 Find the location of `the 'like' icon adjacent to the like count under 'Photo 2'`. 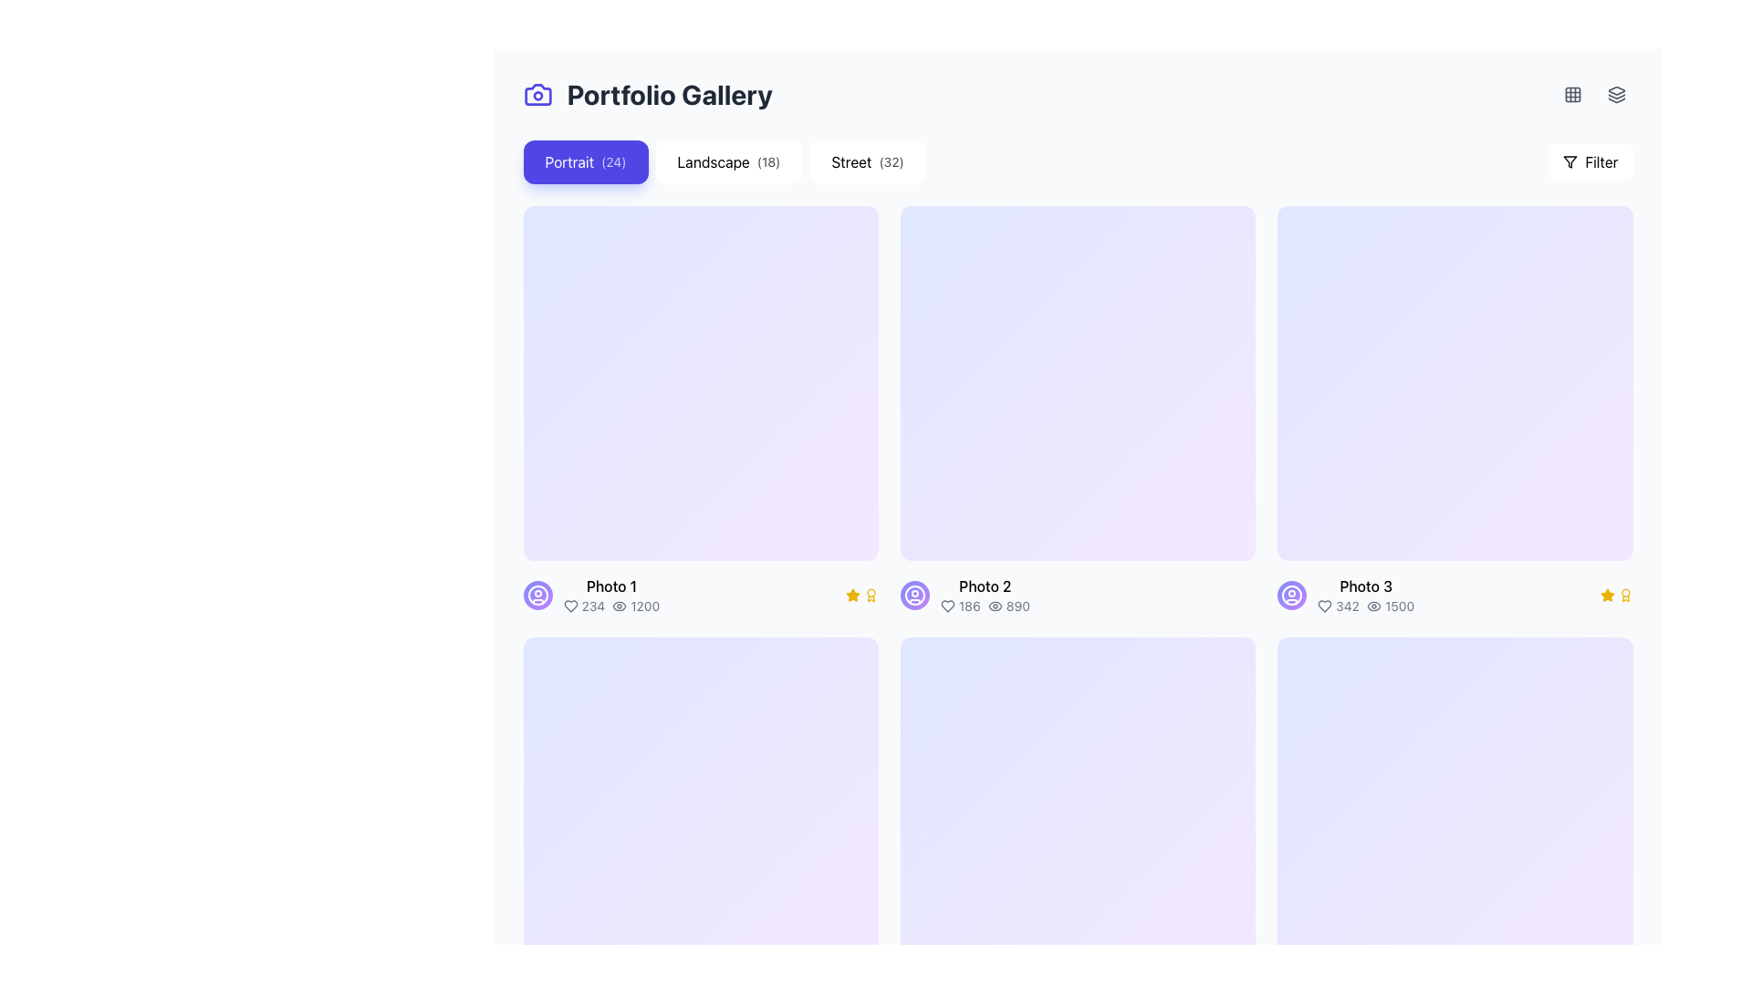

the 'like' icon adjacent to the like count under 'Photo 2' is located at coordinates (947, 607).